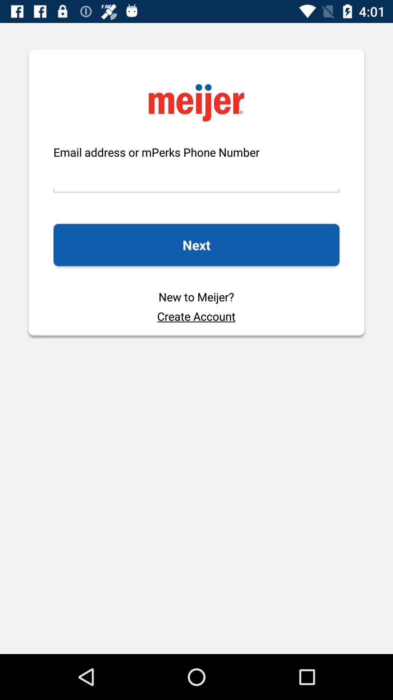  What do you see at coordinates (196, 245) in the screenshot?
I see `the icon above the new to meijer? item` at bounding box center [196, 245].